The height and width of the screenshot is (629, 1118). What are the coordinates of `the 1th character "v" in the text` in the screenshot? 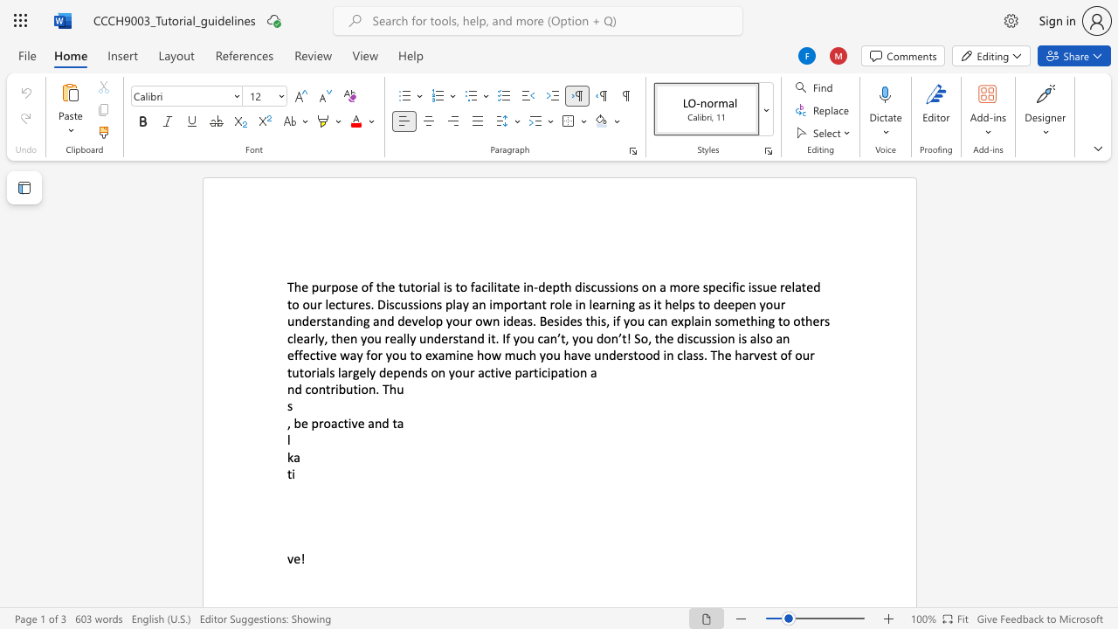 It's located at (414, 321).